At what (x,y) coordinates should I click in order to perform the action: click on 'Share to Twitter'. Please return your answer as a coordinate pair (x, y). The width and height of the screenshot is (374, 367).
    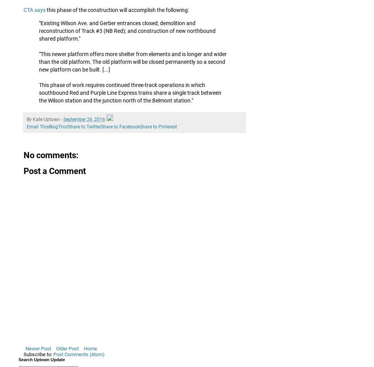
    Looking at the image, I should click on (84, 126).